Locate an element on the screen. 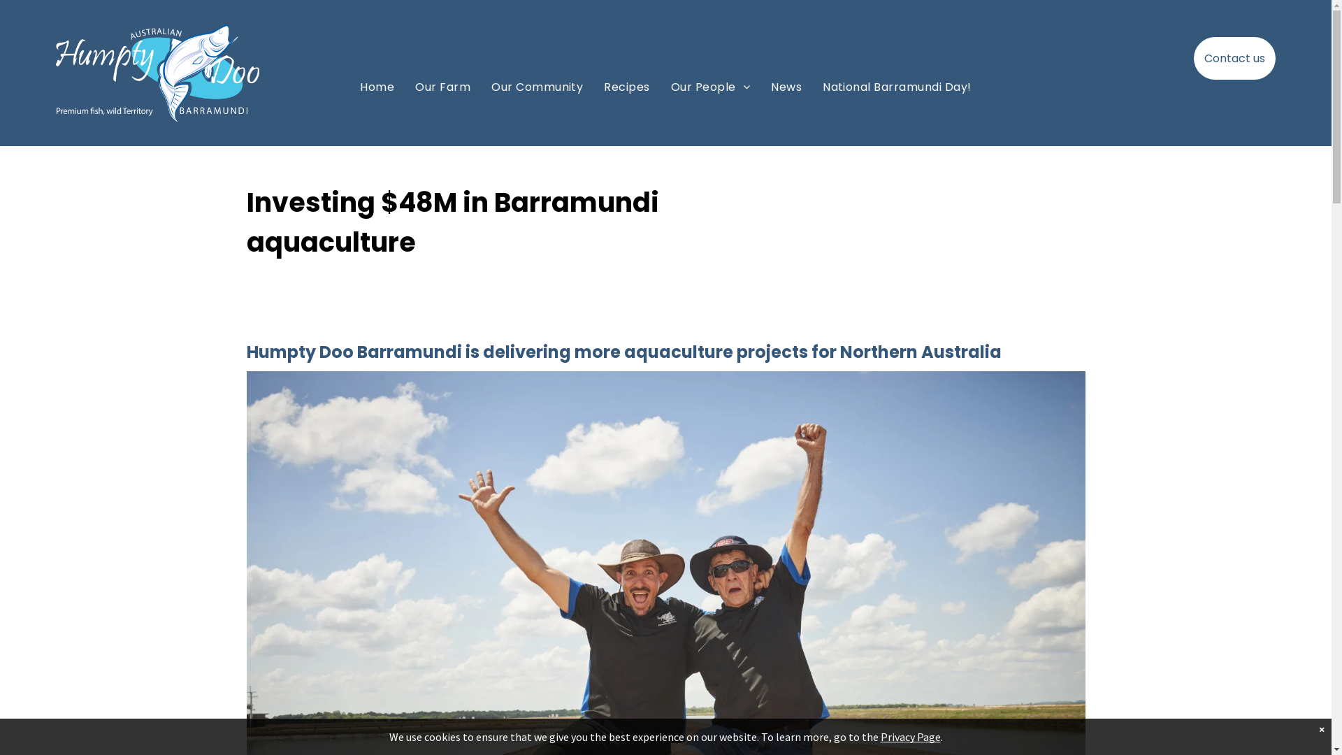 The height and width of the screenshot is (755, 1342). 'Privacy Page' is located at coordinates (879, 735).